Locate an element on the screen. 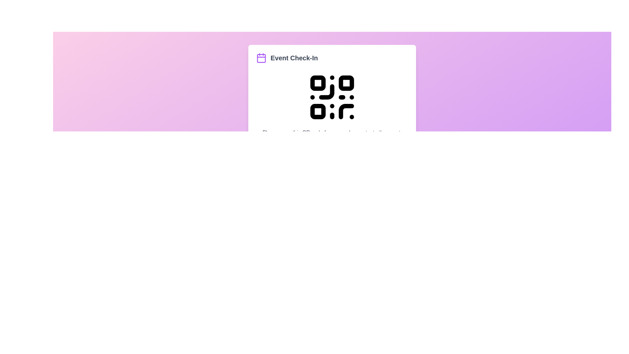  the QR code displayed prominently in black within a white card area, which is centered on a purple background, if interactive features are implemented is located at coordinates (332, 97).